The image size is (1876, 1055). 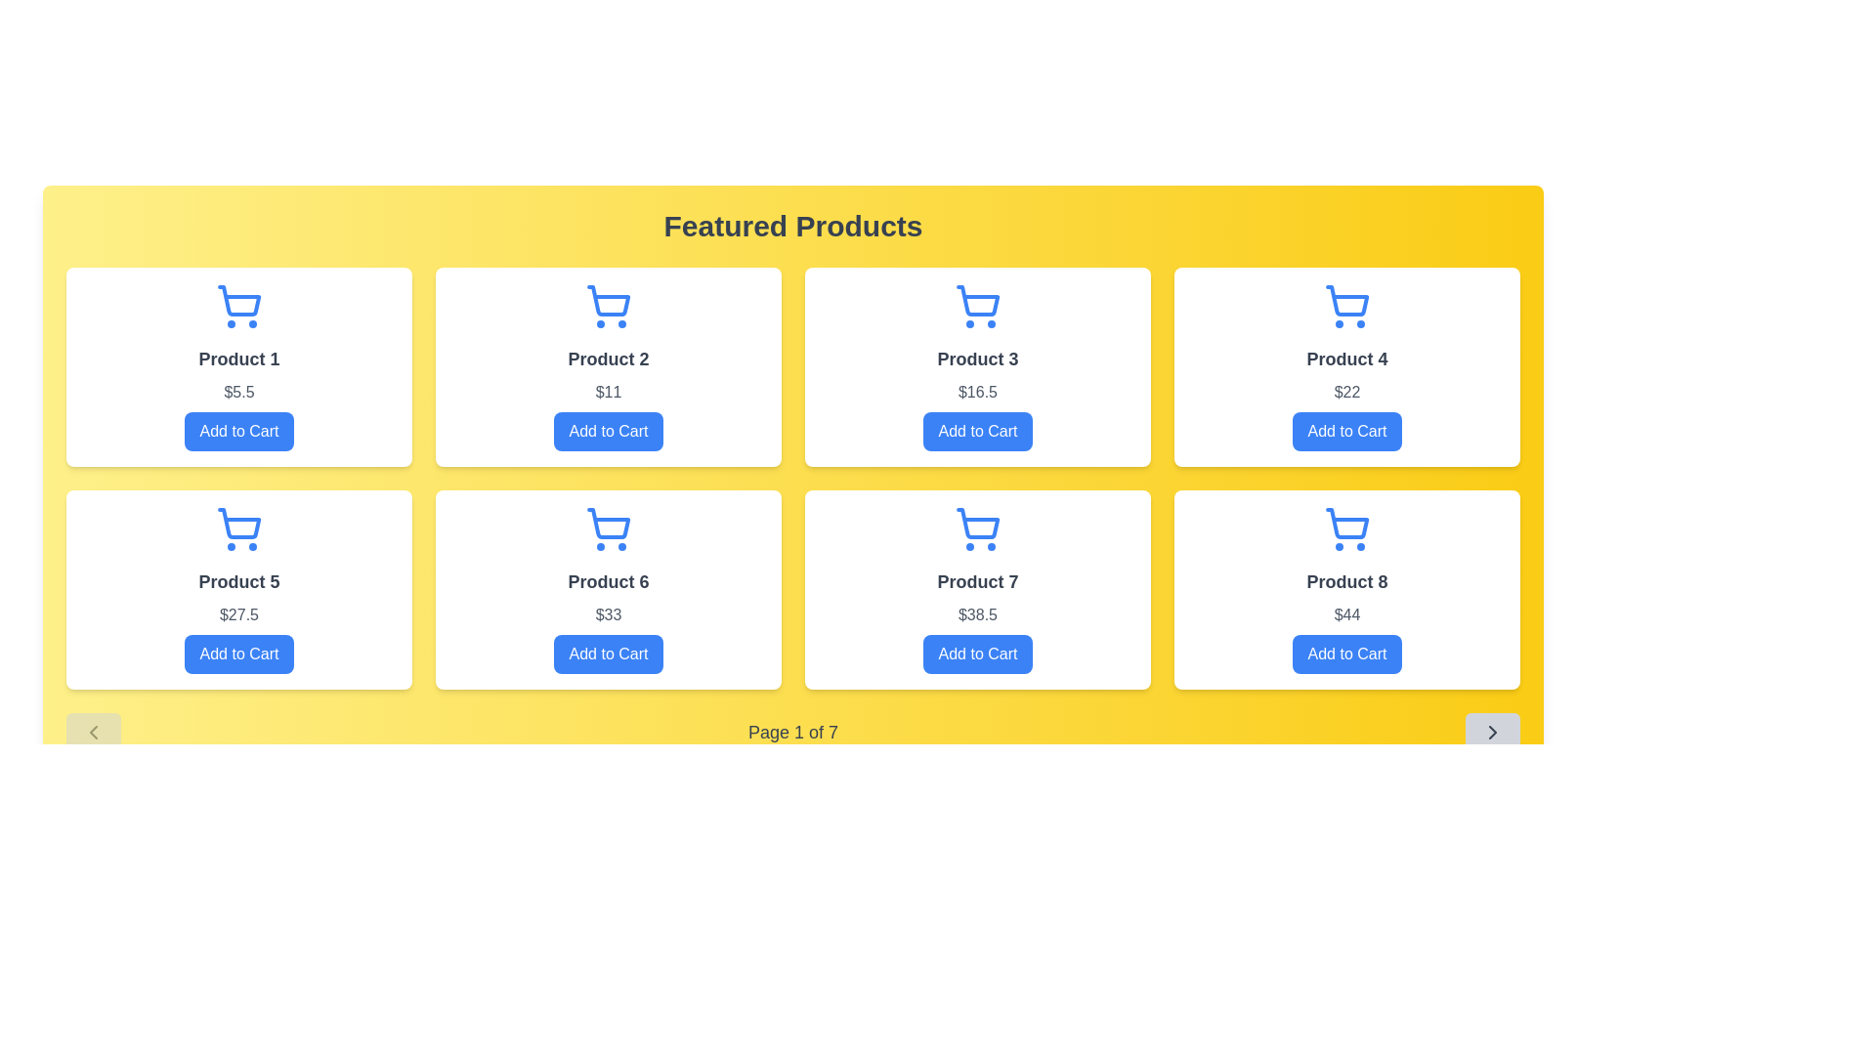 I want to click on the blue cart icon located above the '$38.5' label in the 'Product 7' card, which is the seventh product card in the grid layout, so click(x=978, y=529).